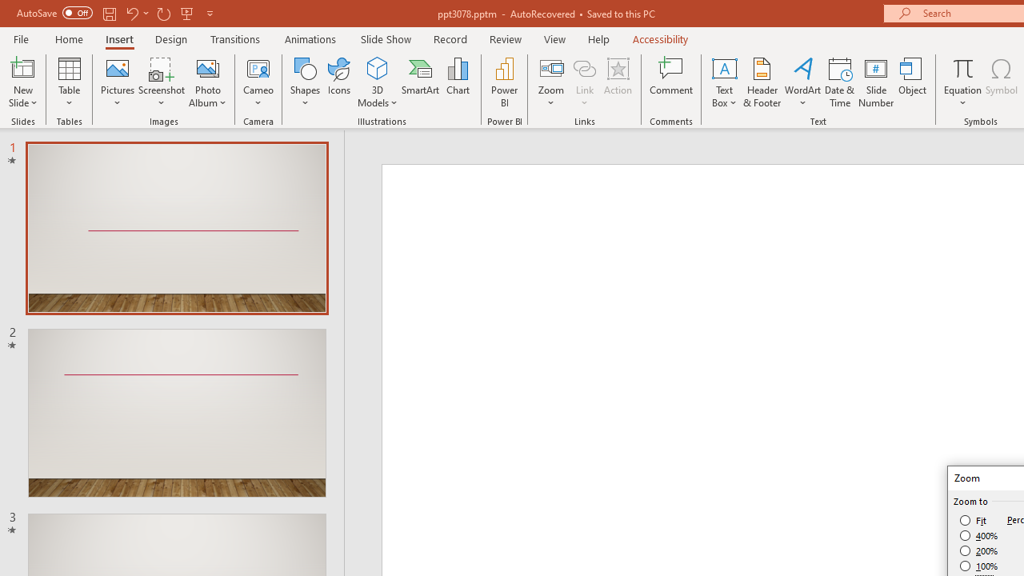  I want to click on 'Object...', so click(913, 82).